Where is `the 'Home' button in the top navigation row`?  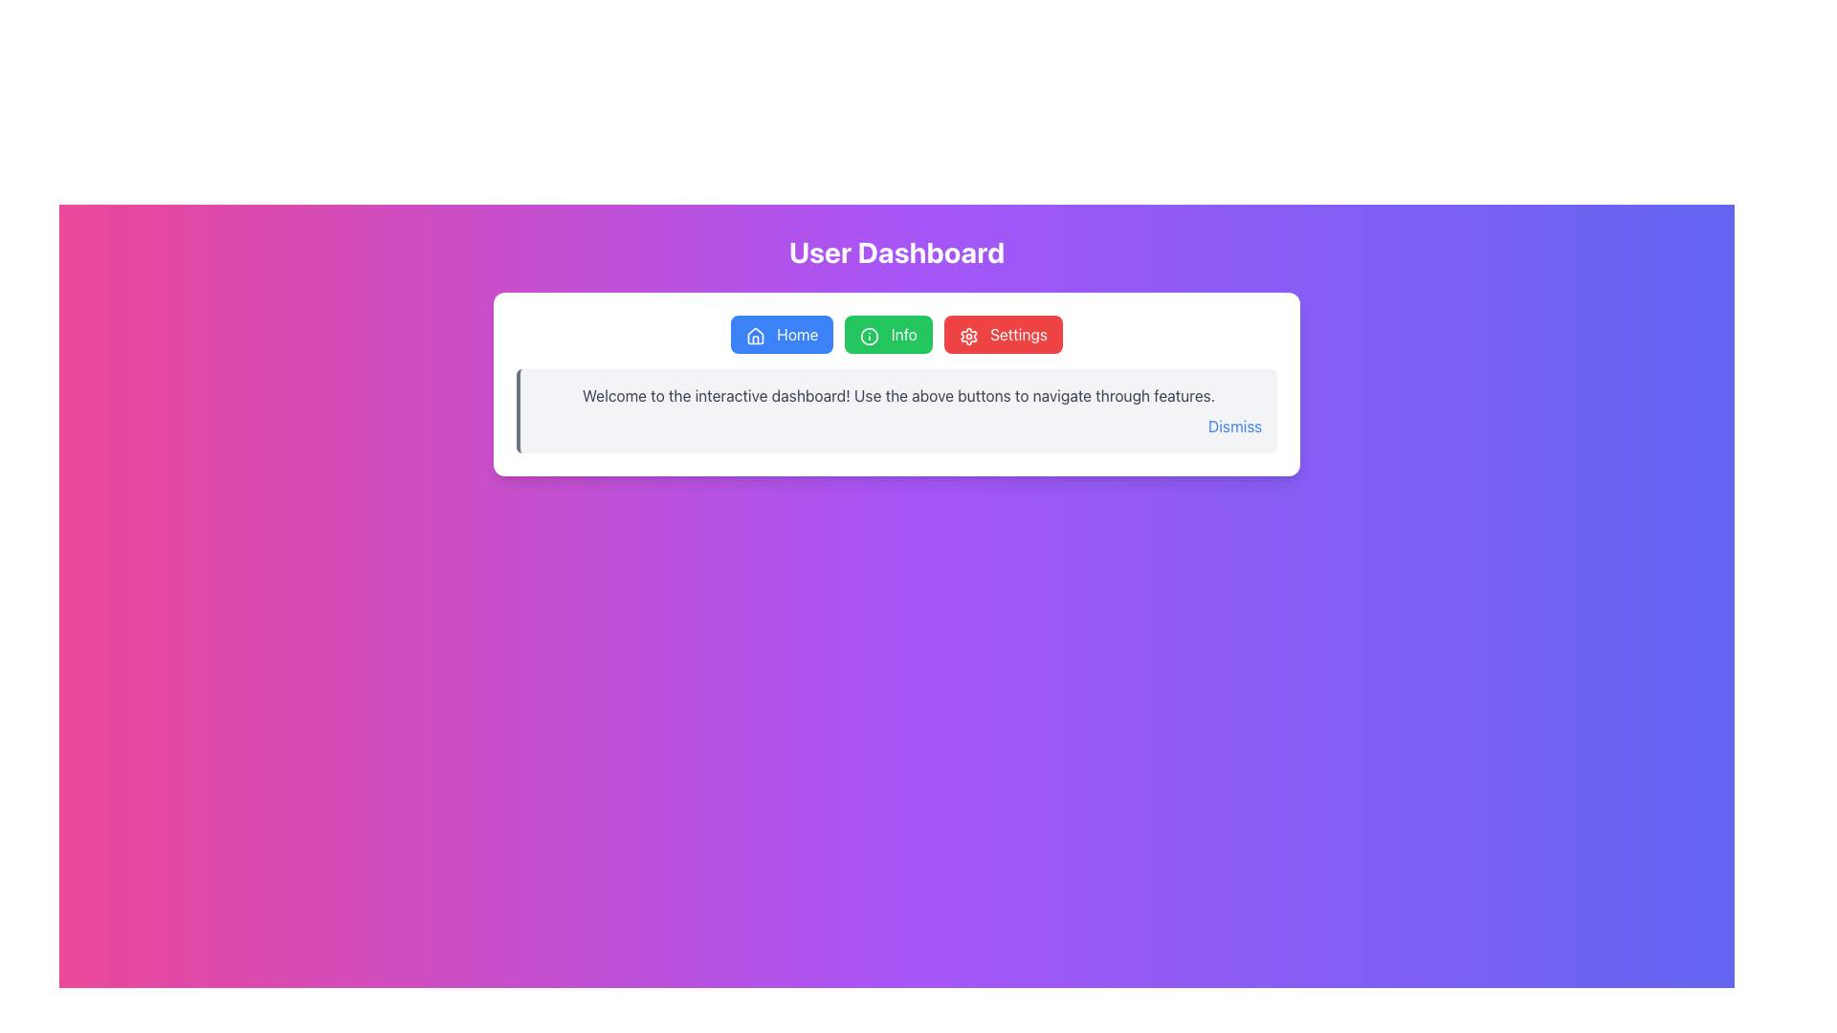 the 'Home' button in the top navigation row is located at coordinates (755, 335).